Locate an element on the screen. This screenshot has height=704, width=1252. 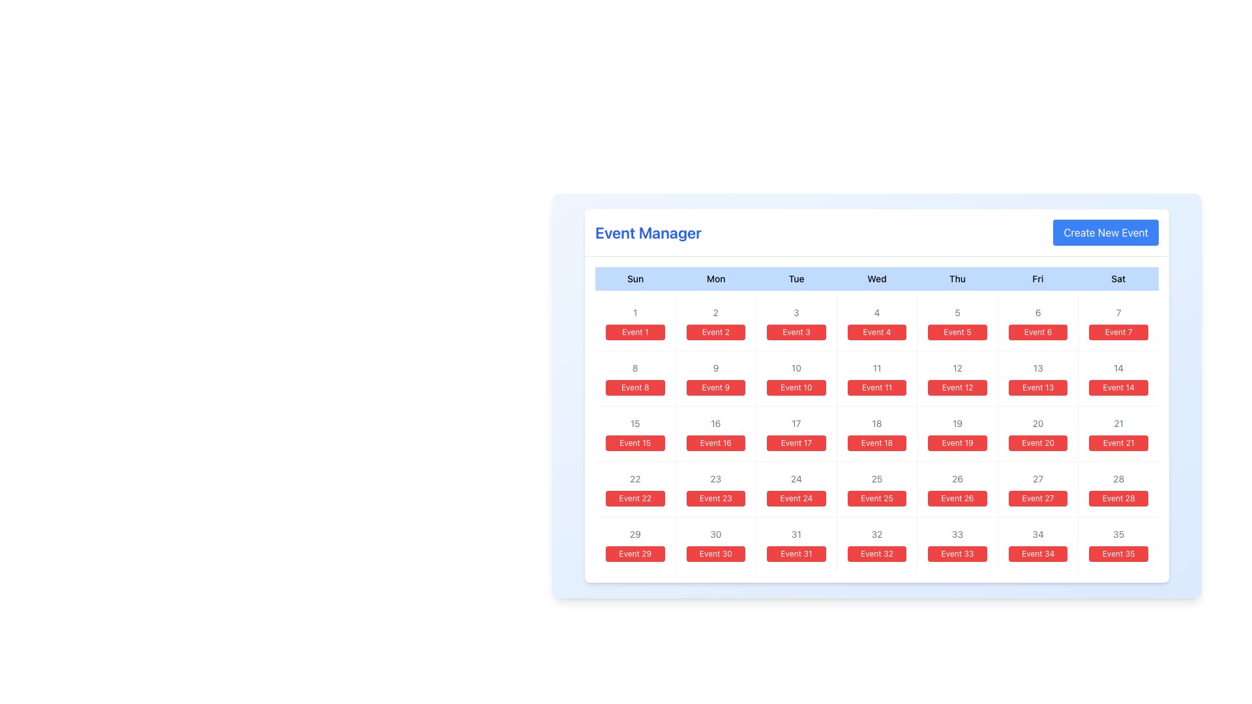
the button-like label with the text 'Event 27' in the Friday column of the fifth row in the calendar view is located at coordinates (1037, 498).